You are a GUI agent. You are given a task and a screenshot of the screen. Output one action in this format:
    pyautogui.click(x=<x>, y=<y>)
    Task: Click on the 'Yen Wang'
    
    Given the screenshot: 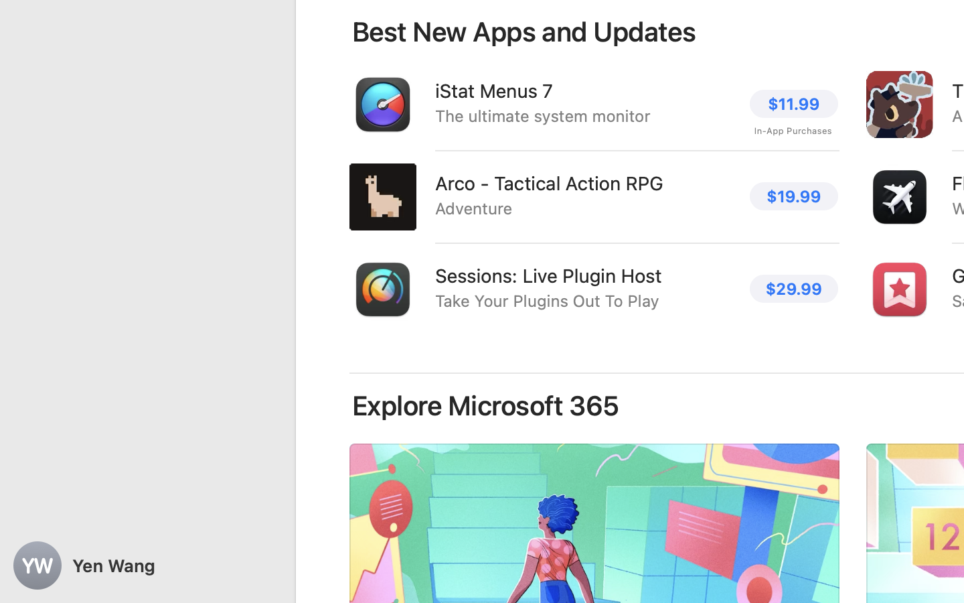 What is the action you would take?
    pyautogui.click(x=147, y=565)
    